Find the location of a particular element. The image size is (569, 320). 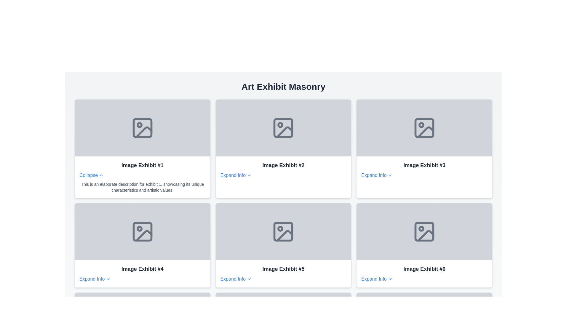

the chevron down SVG icon indicating the expandable functionality of the 'Expand Info' link associated with 'Image Exhibit #2' is located at coordinates (249, 175).